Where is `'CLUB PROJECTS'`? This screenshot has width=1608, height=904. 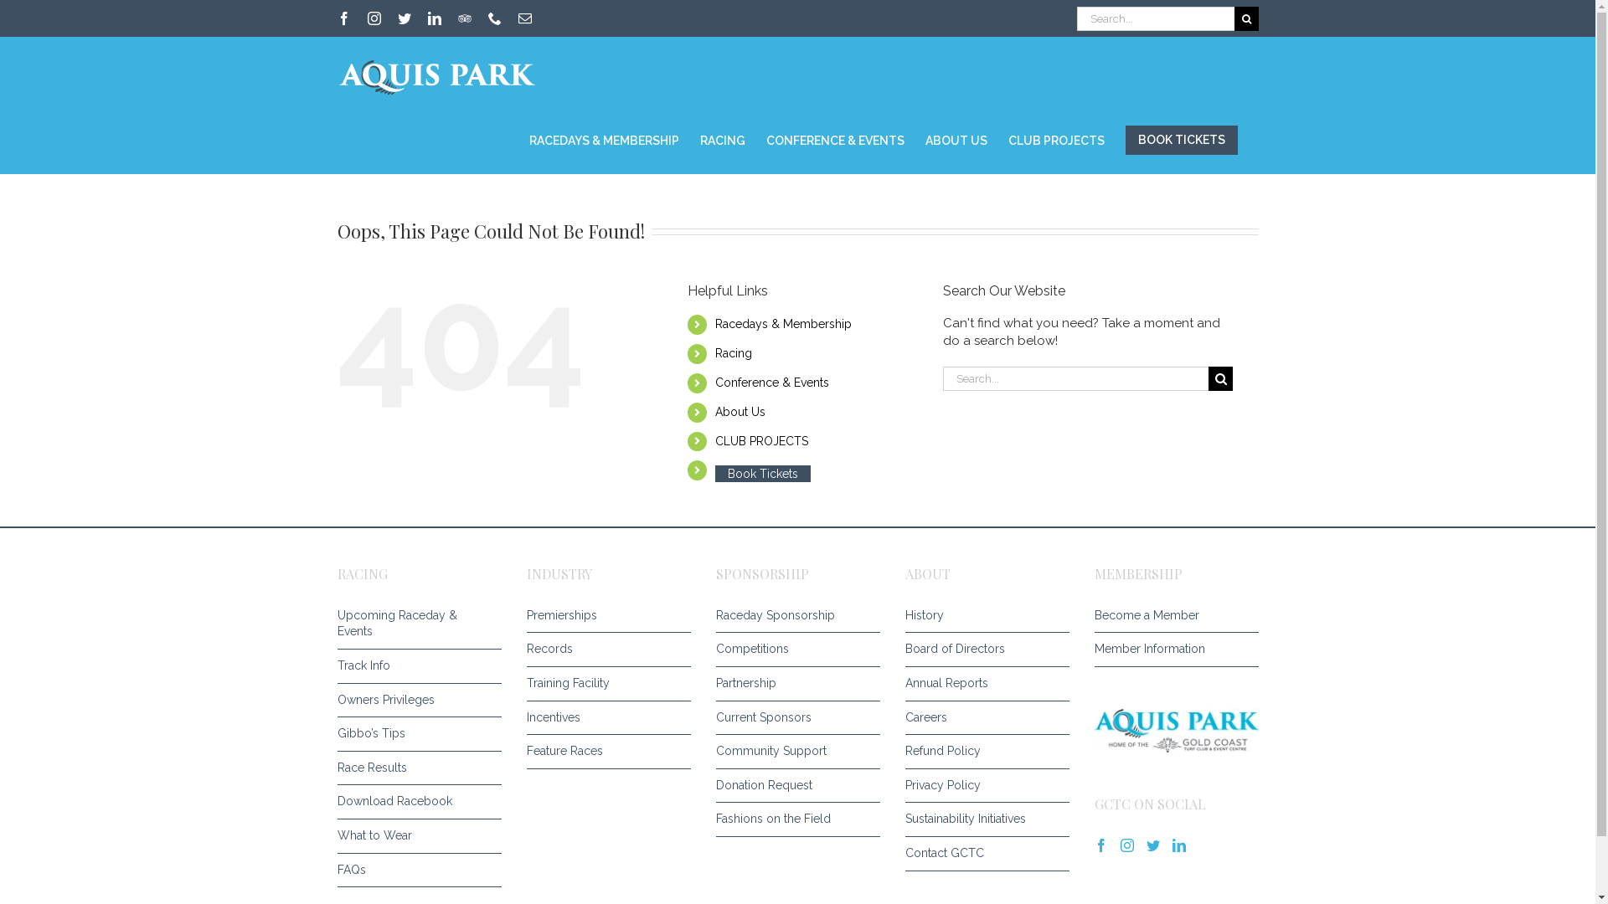
'CLUB PROJECTS' is located at coordinates (760, 440).